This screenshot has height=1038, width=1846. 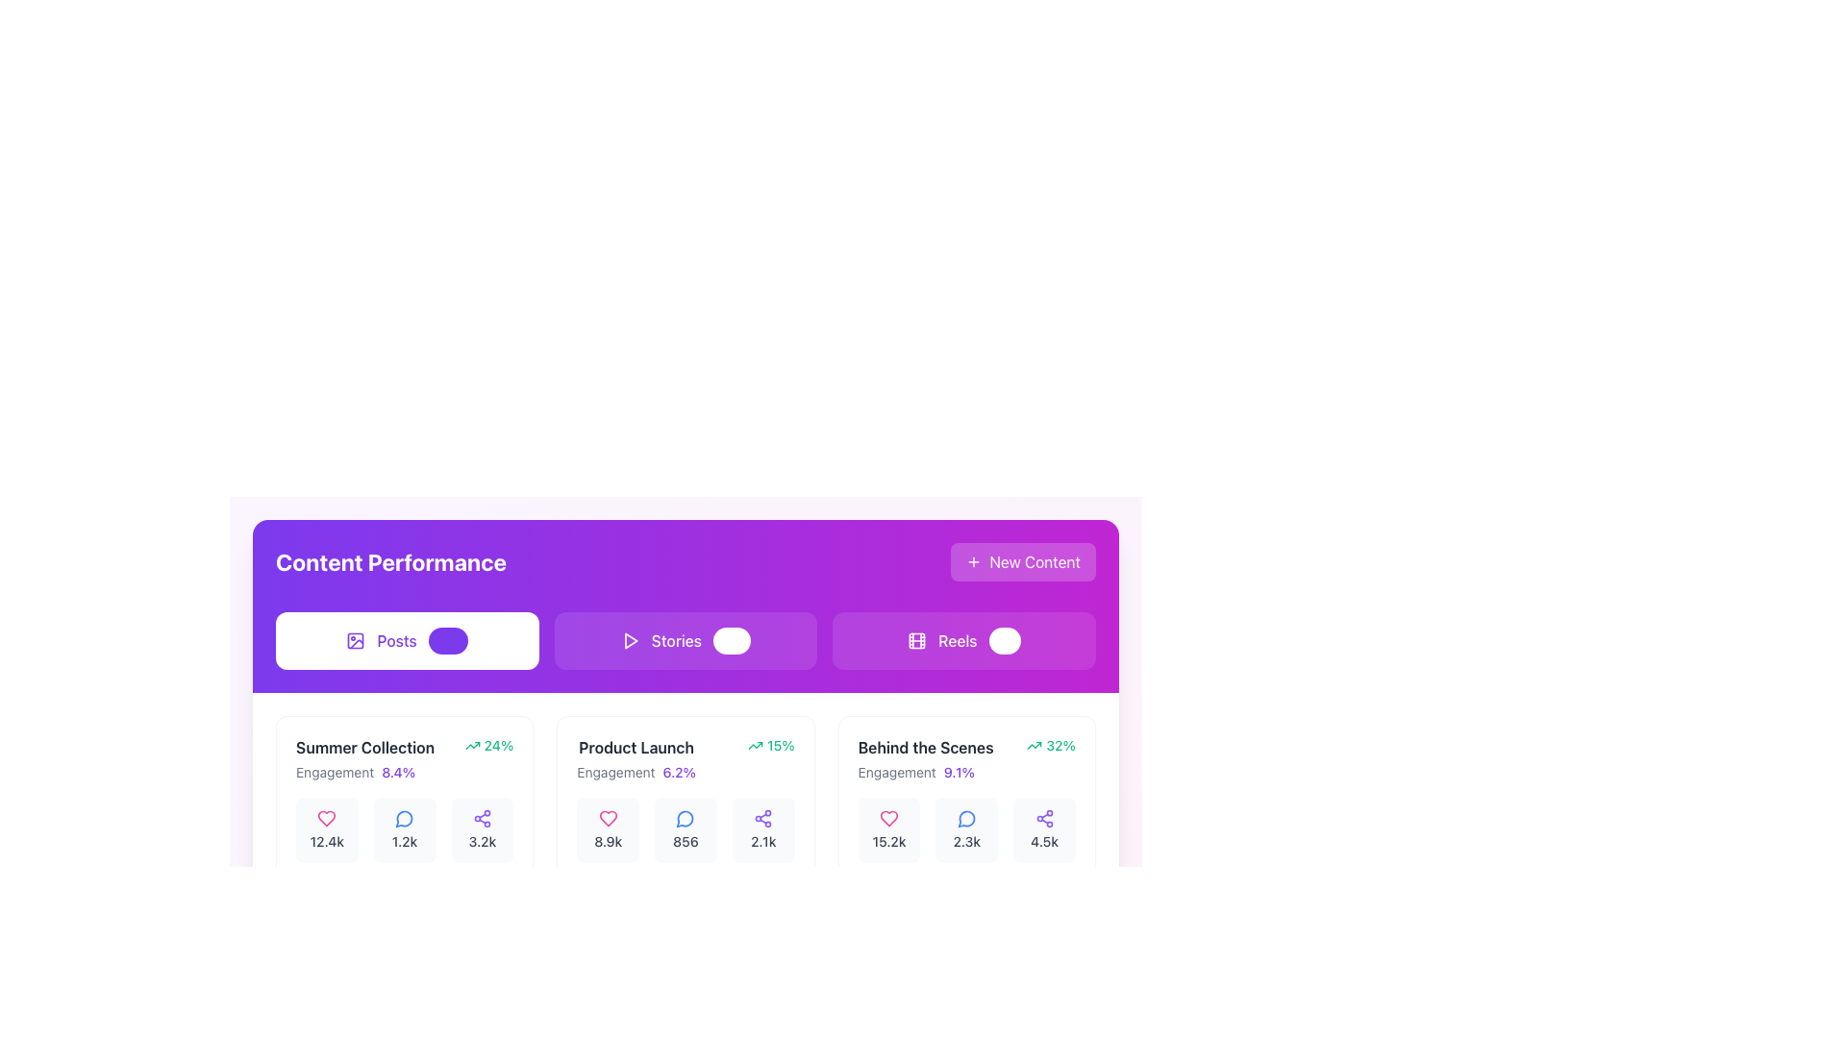 I want to click on the value displayed on the rectangular badge with rounded corners showing '89', located in the top-right corner of the interface, adjacent to the 'Reels' label, so click(x=1004, y=641).